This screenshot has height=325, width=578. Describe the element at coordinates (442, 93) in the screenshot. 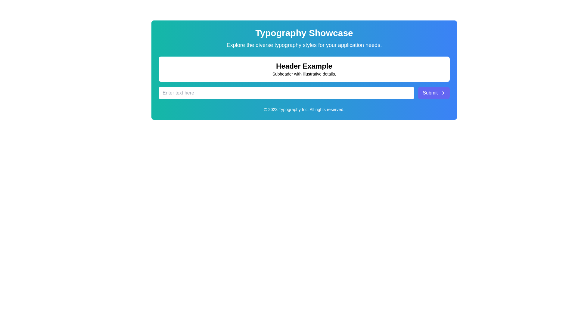

I see `the rightward-pointing arrow icon located within the 'Submit' button` at that location.